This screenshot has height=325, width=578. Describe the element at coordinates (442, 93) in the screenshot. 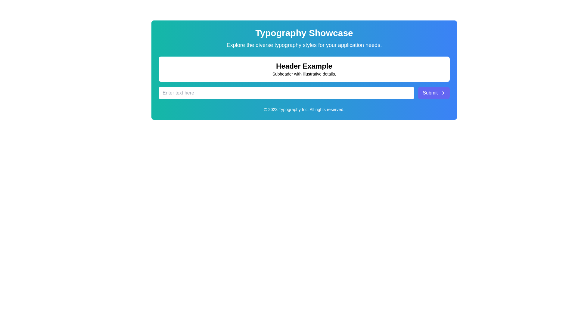

I see `the rightward-pointing arrow icon located within the 'Submit' button` at that location.